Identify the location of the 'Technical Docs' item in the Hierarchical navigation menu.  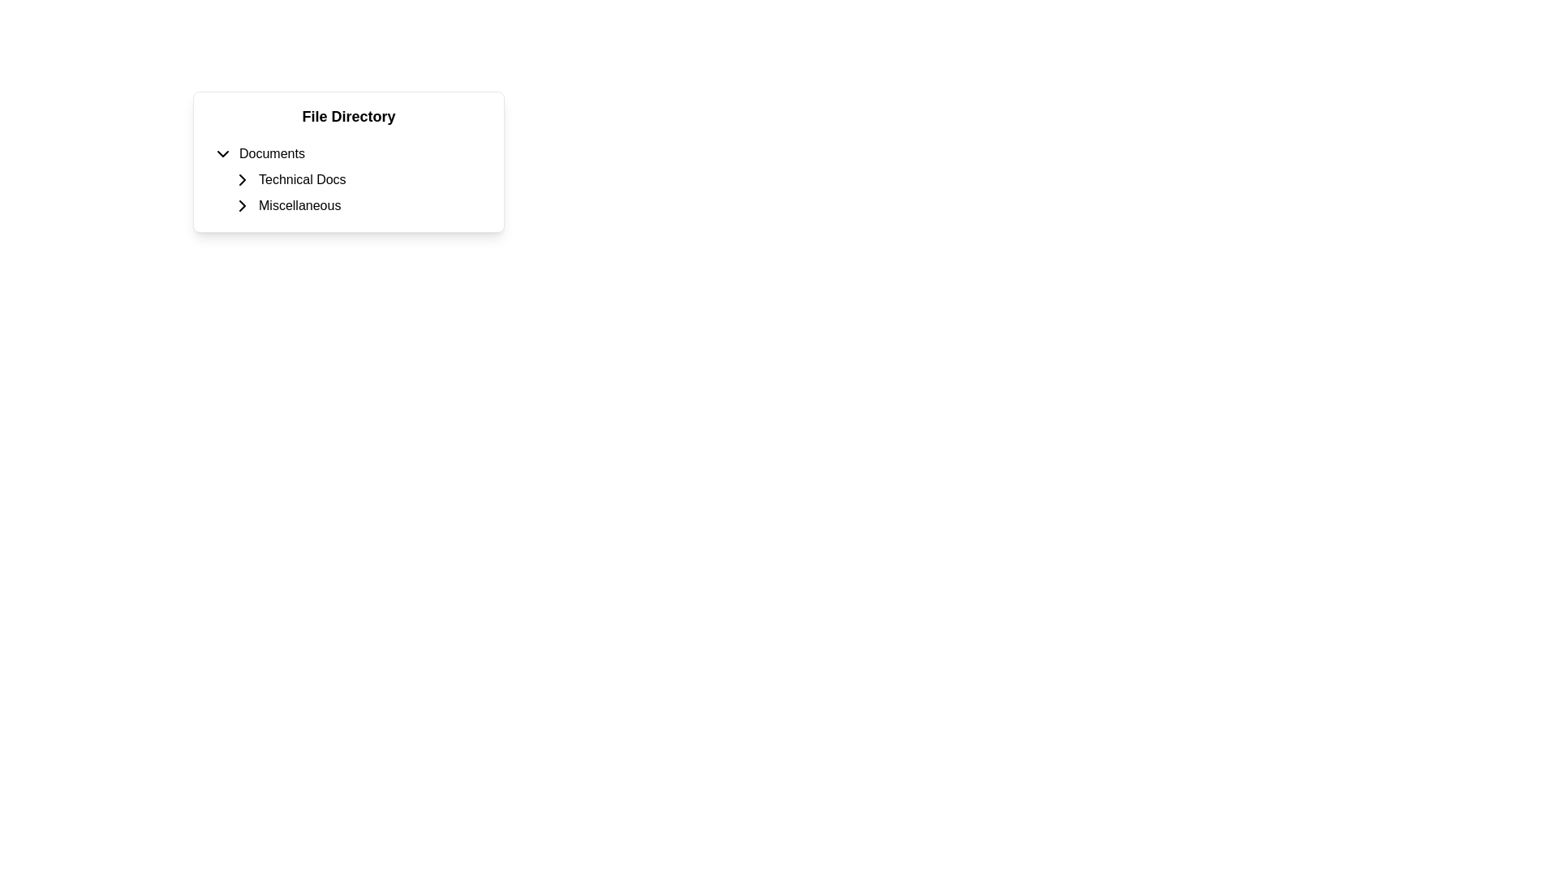
(348, 180).